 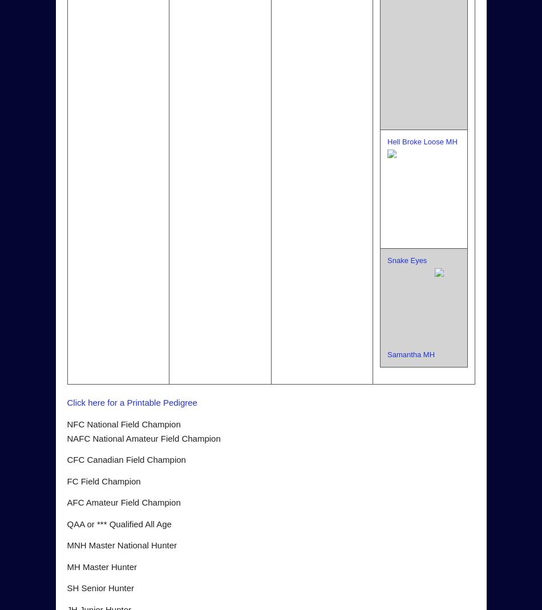 What do you see at coordinates (123, 502) in the screenshot?
I see `'AFC Amateur Field Champion'` at bounding box center [123, 502].